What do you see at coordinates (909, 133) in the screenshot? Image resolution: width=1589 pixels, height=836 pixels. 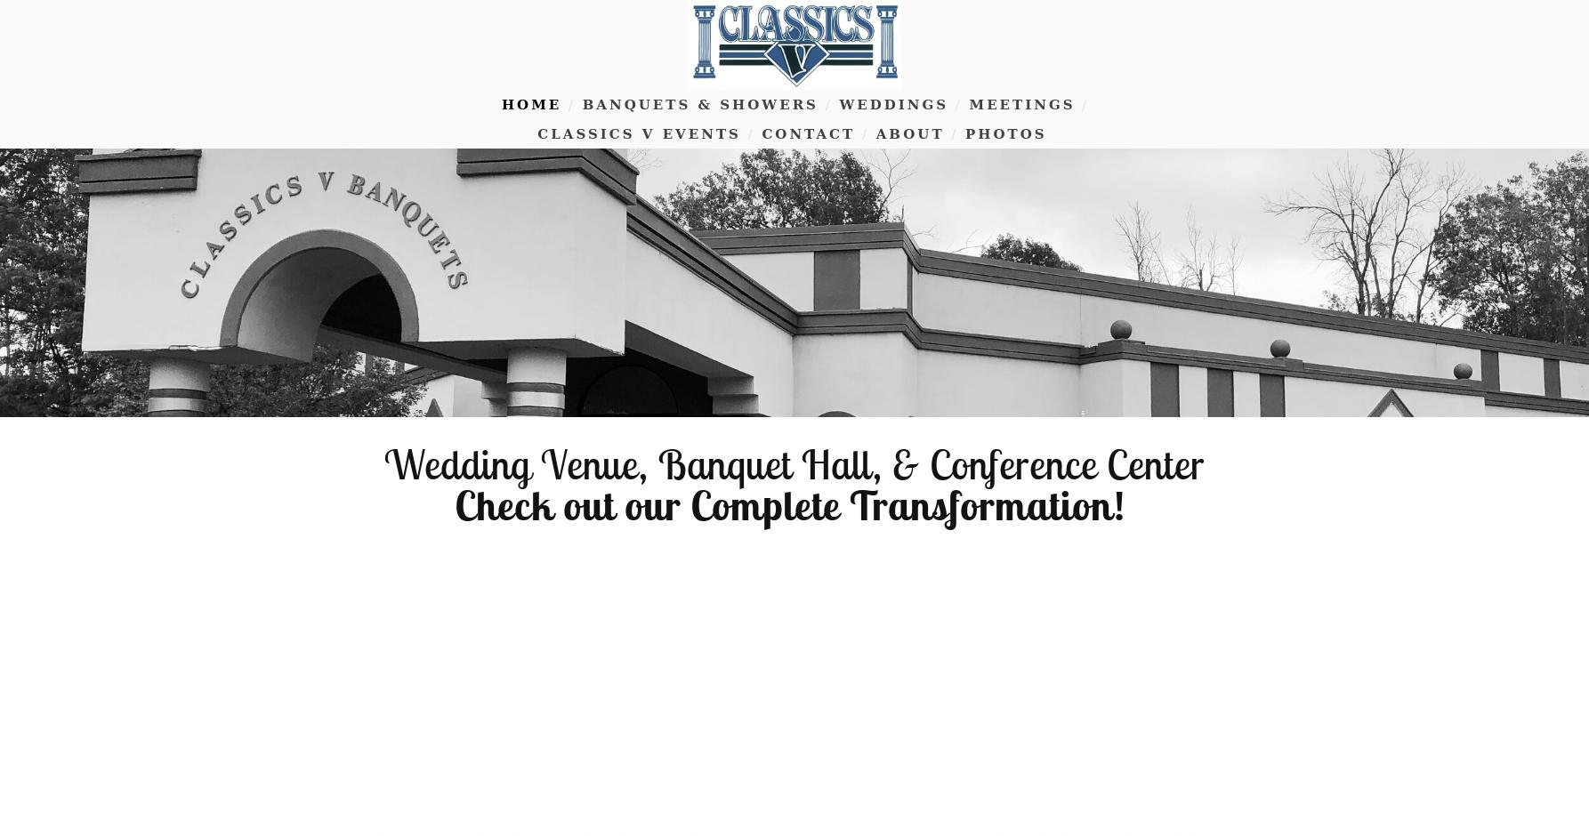 I see `'About'` at bounding box center [909, 133].